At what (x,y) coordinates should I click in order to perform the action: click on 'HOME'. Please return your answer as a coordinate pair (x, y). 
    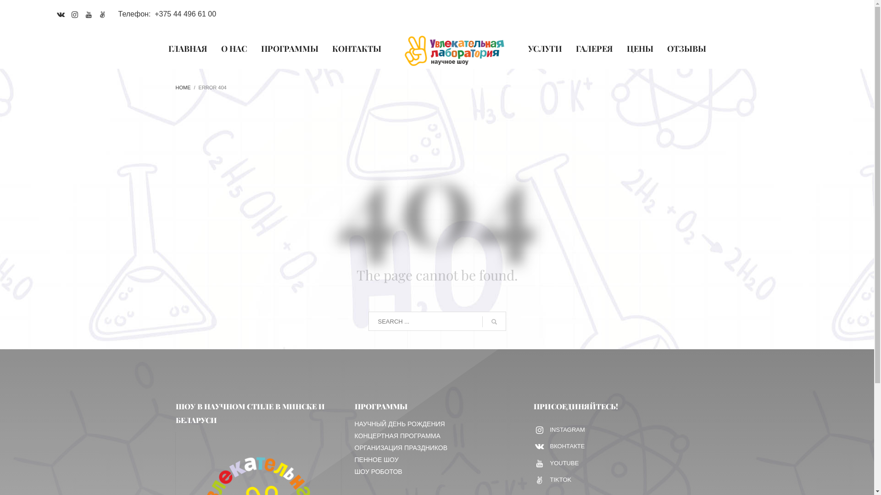
    Looking at the image, I should click on (175, 88).